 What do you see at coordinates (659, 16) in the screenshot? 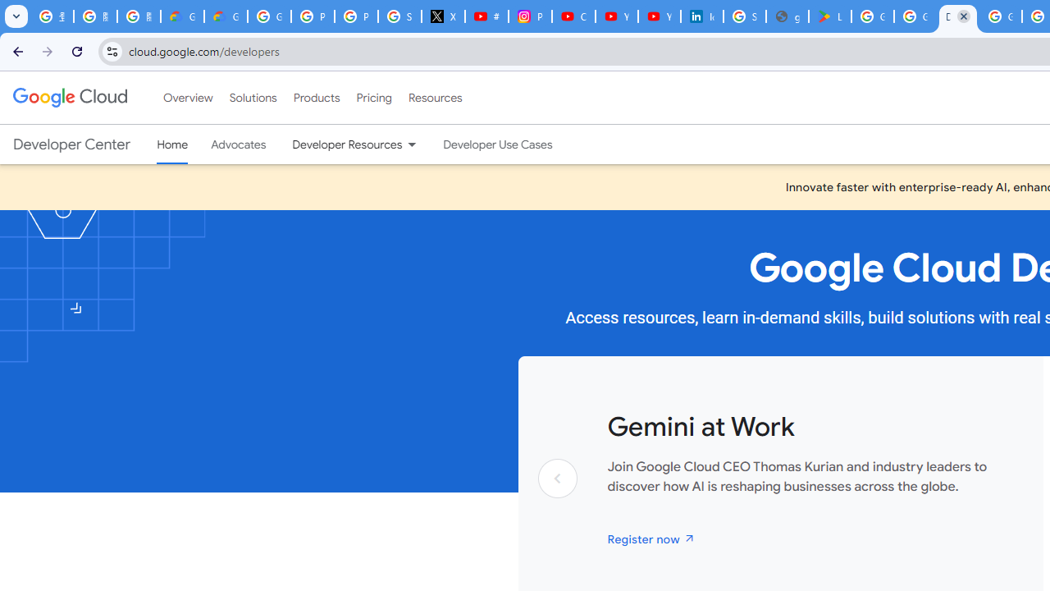
I see `'YouTube Culture & Trends - YouTube Top 10, 2021'` at bounding box center [659, 16].